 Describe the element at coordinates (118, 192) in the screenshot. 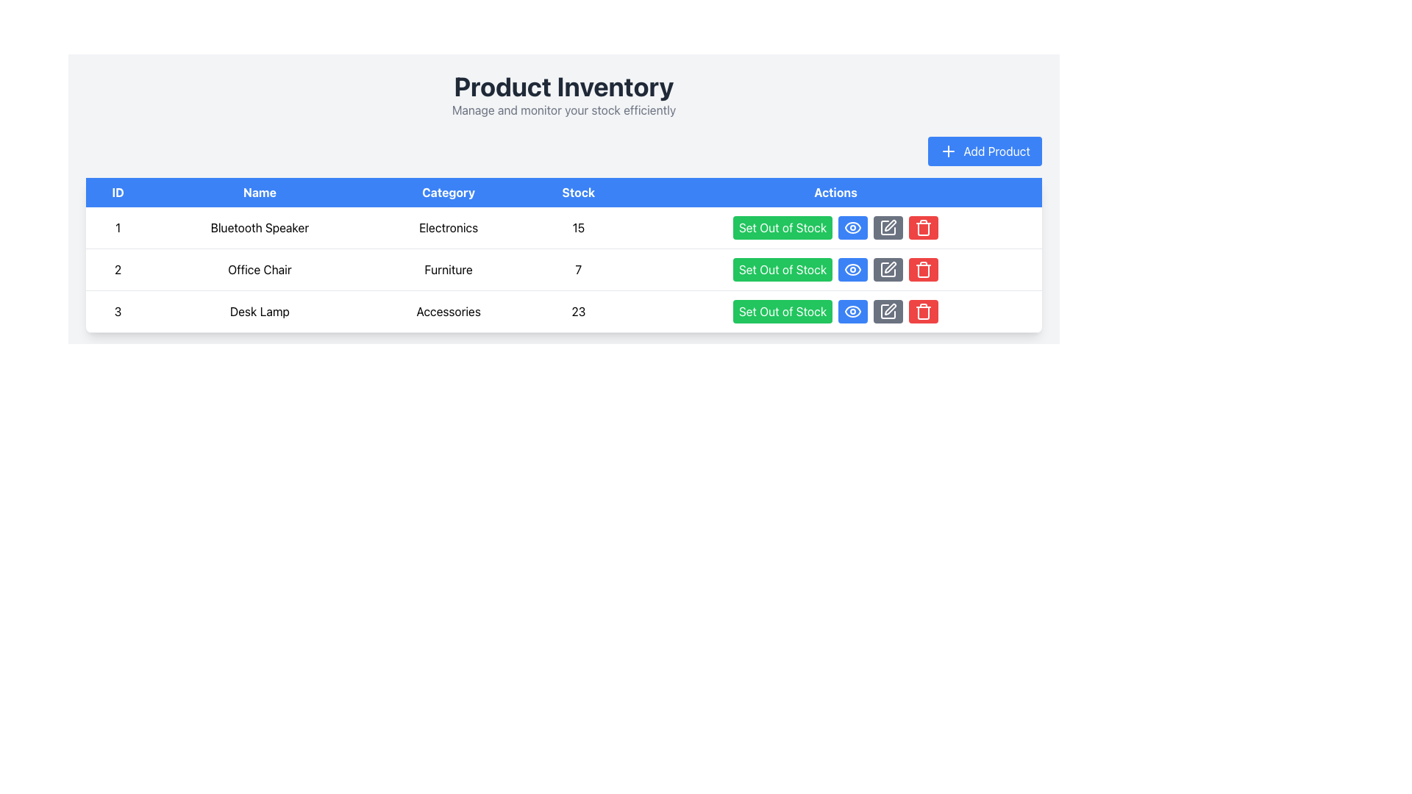

I see `the 'ID' column header label, which is the first item in a list of headers for a table, located at the upper left corner of the table` at that location.